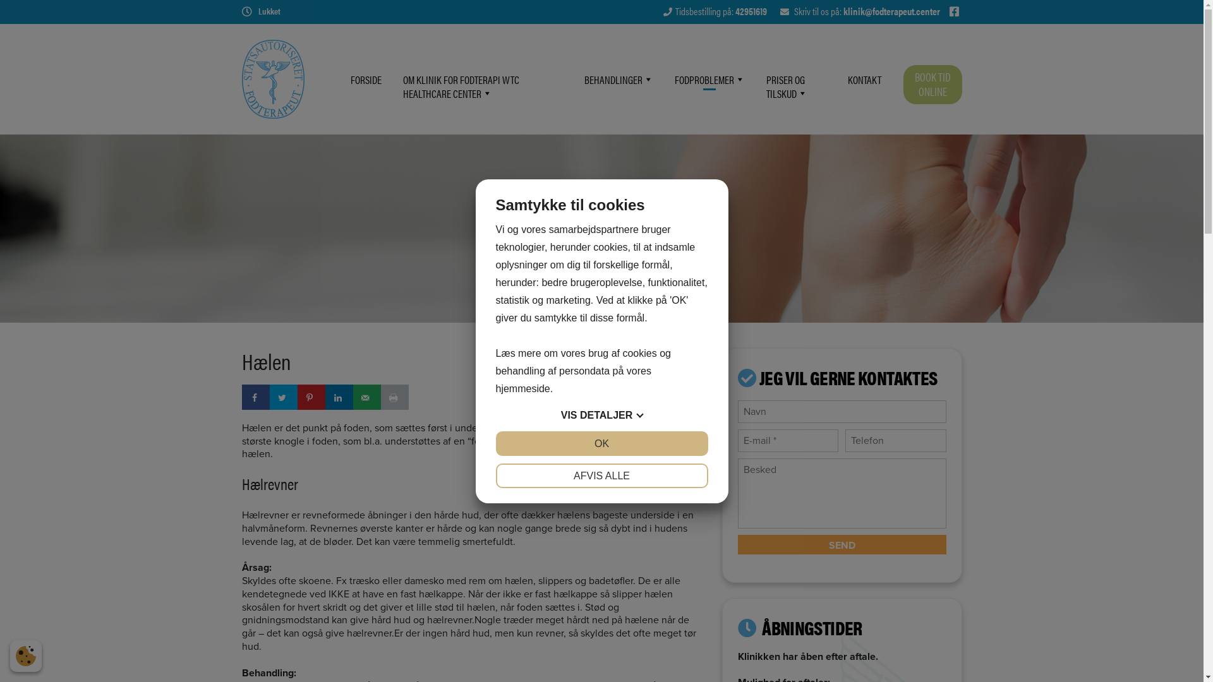 This screenshot has height=682, width=1213. What do you see at coordinates (324, 396) in the screenshot?
I see `'Share on LinkedIn'` at bounding box center [324, 396].